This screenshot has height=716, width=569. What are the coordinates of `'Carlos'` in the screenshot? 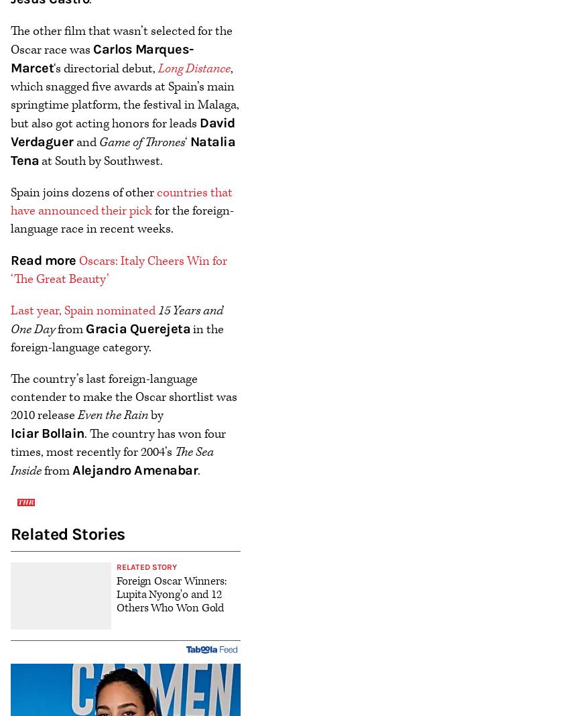 It's located at (113, 48).